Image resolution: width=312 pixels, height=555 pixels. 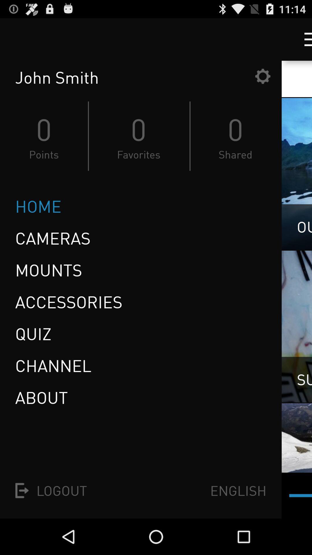 What do you see at coordinates (263, 76) in the screenshot?
I see `the icon to the right of john smith` at bounding box center [263, 76].